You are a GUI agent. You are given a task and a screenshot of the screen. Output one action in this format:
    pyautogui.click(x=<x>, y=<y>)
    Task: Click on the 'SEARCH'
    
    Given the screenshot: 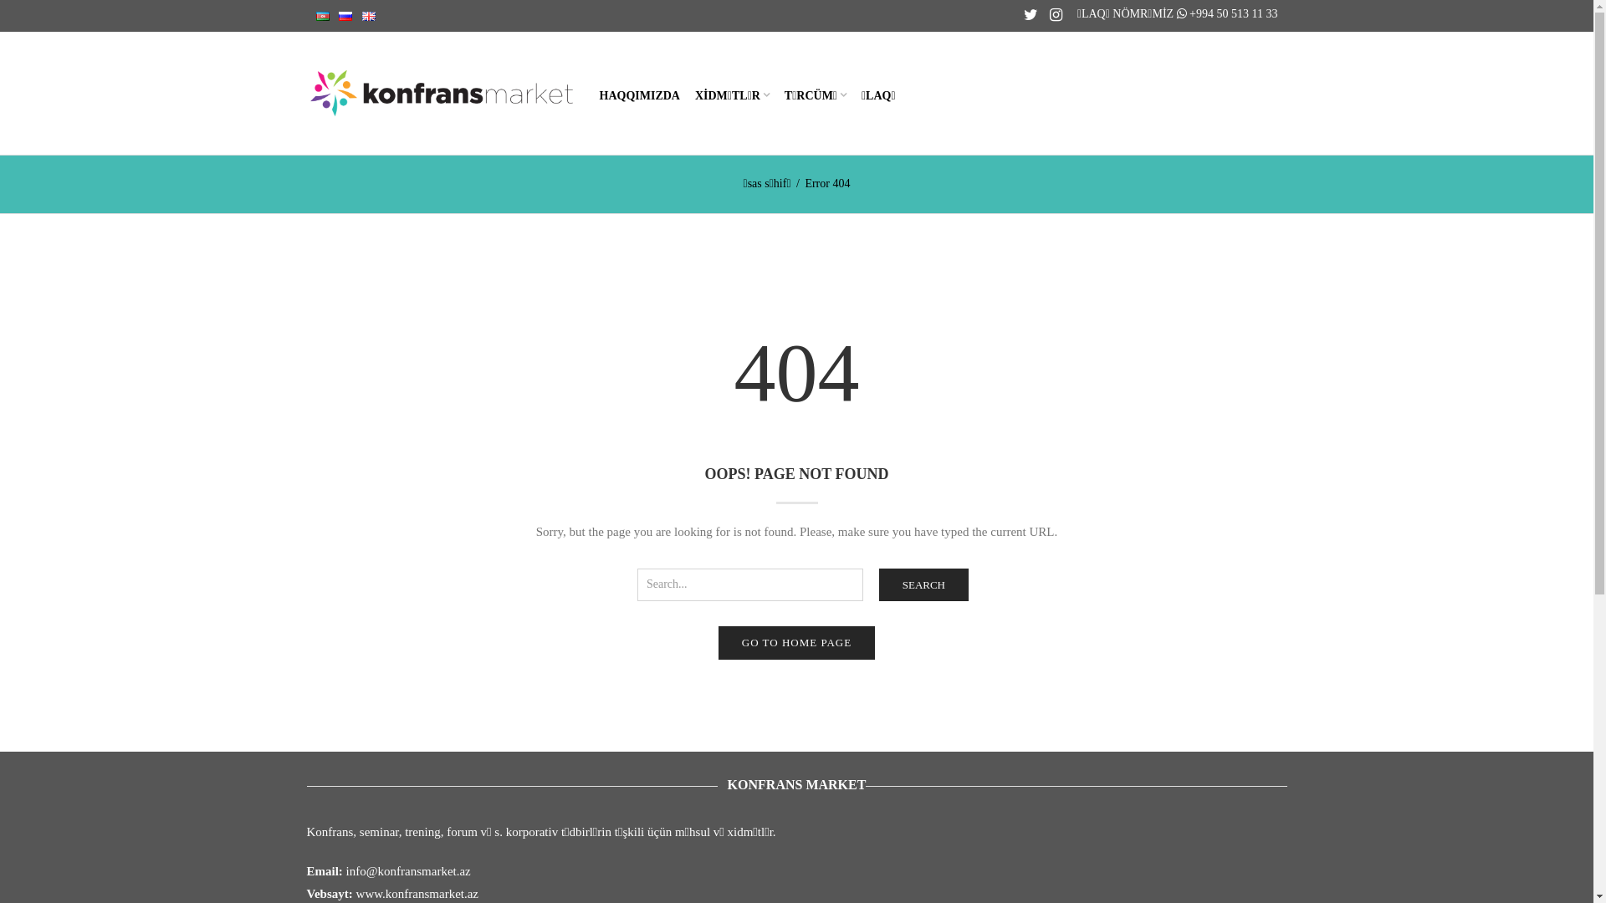 What is the action you would take?
    pyautogui.click(x=923, y=584)
    